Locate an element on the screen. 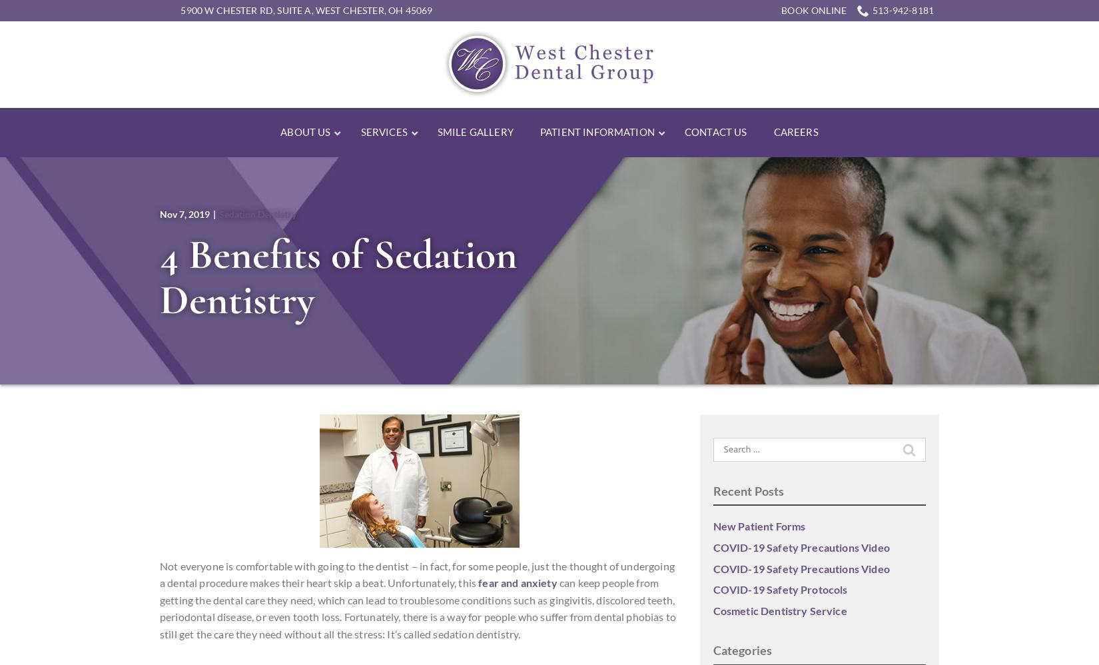 The width and height of the screenshot is (1099, 665). 'Emergency Dentistry' is located at coordinates (447, 177).